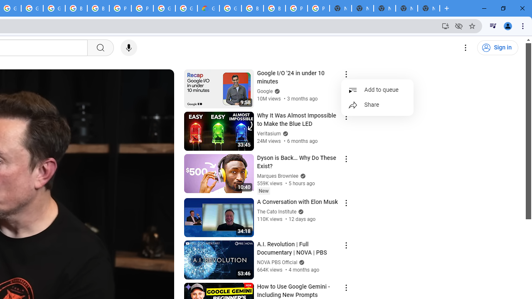 The width and height of the screenshot is (532, 299). What do you see at coordinates (128, 48) in the screenshot?
I see `'Search with your voice'` at bounding box center [128, 48].